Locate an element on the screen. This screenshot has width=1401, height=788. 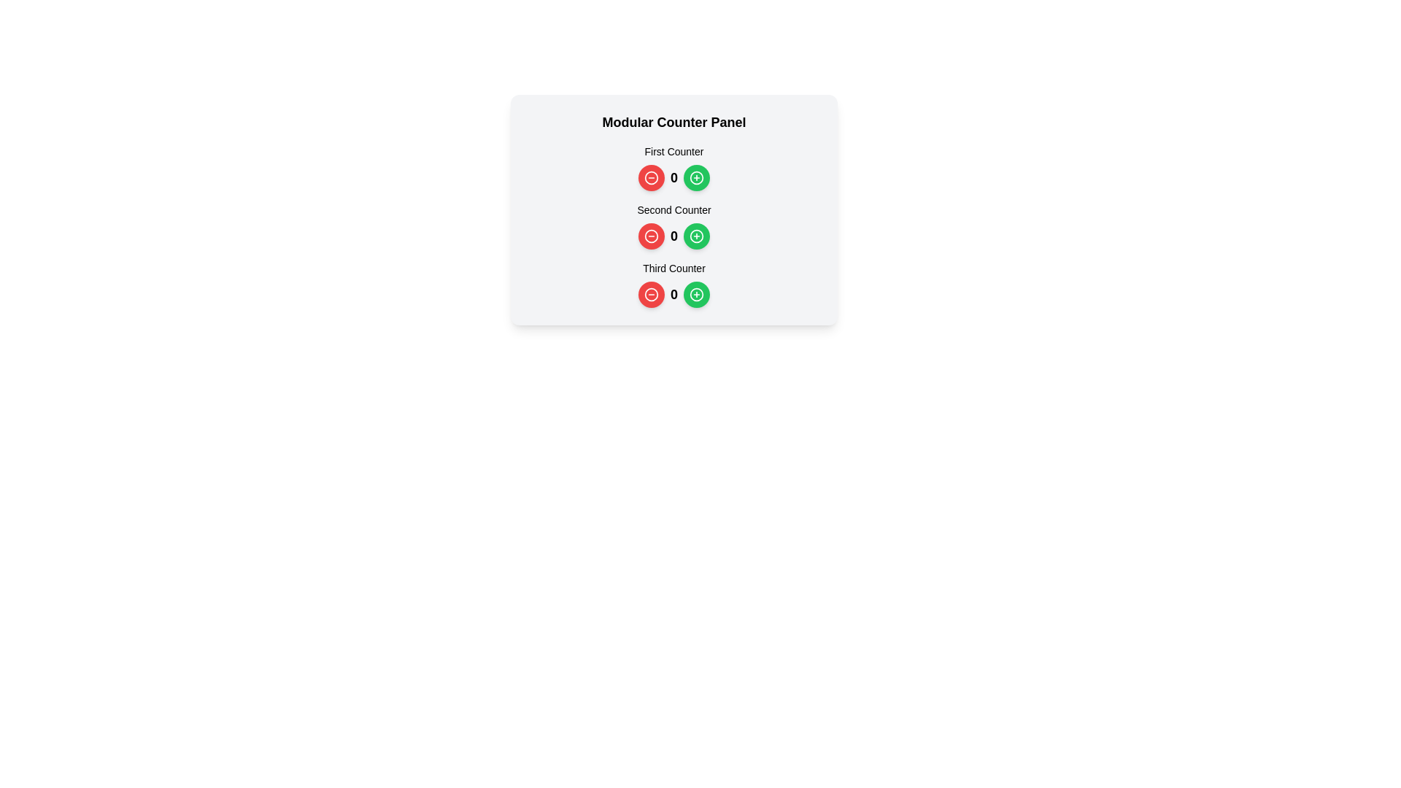
the decrement button with a minus icon located to the left of the counter value in the Second Counter row is located at coordinates (650, 236).